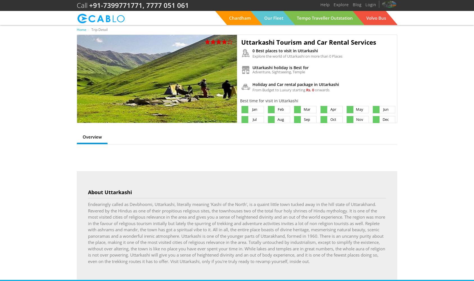 The image size is (474, 281). What do you see at coordinates (252, 56) in the screenshot?
I see `'Explore the world of Uttarkashi on more than 0 Places'` at bounding box center [252, 56].